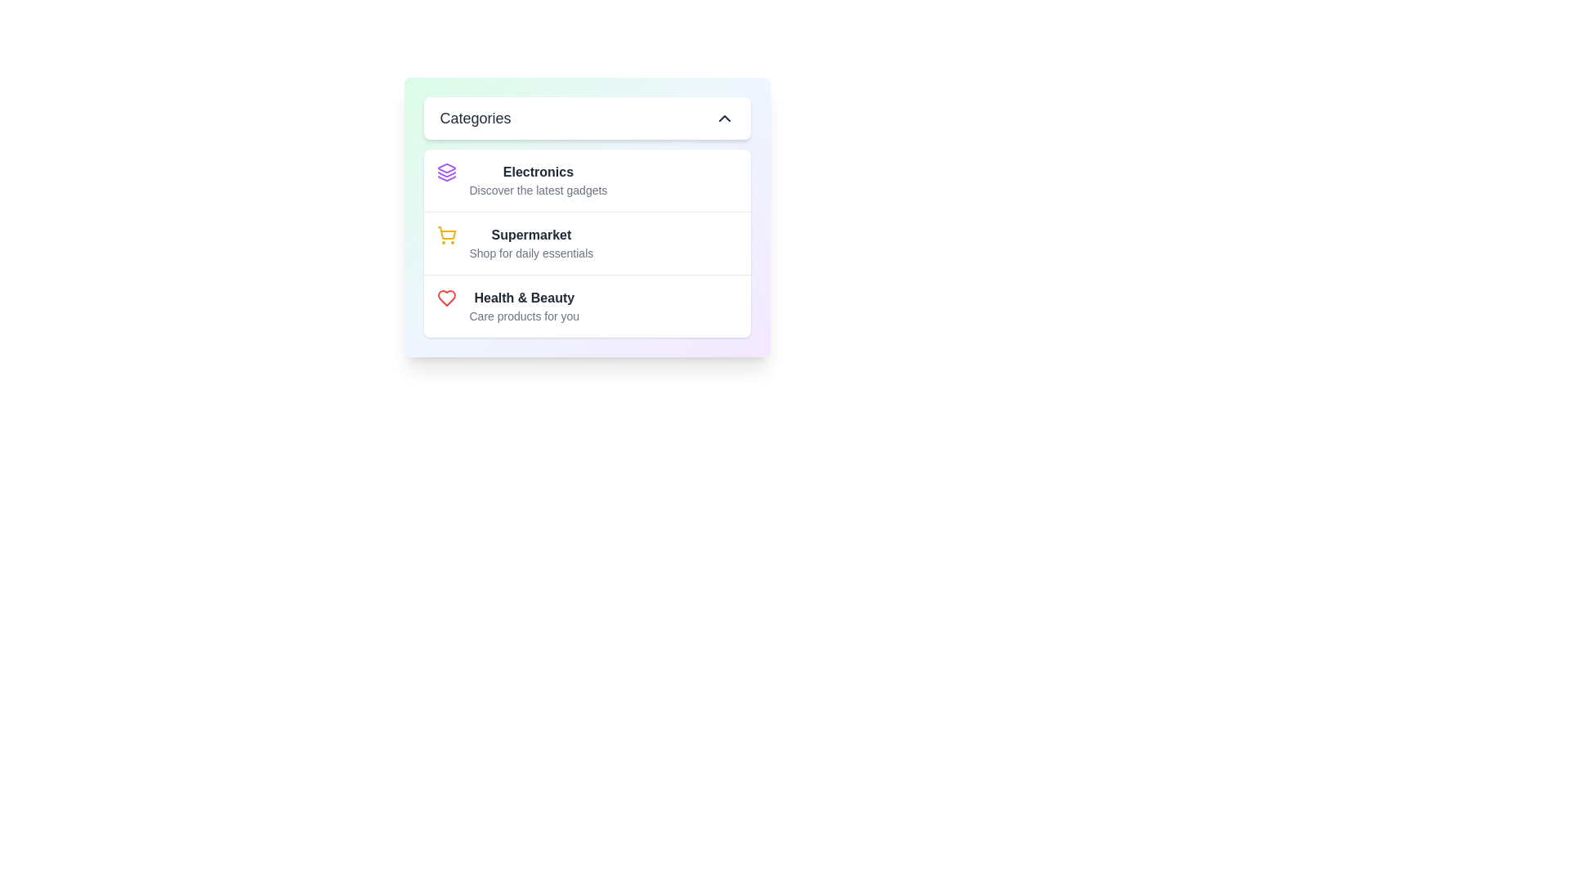 The width and height of the screenshot is (1569, 883). I want to click on informational text label located in the dropdown menu under the 'Electronics' category, positioned directly below the bold 'Electronics' text, so click(538, 189).